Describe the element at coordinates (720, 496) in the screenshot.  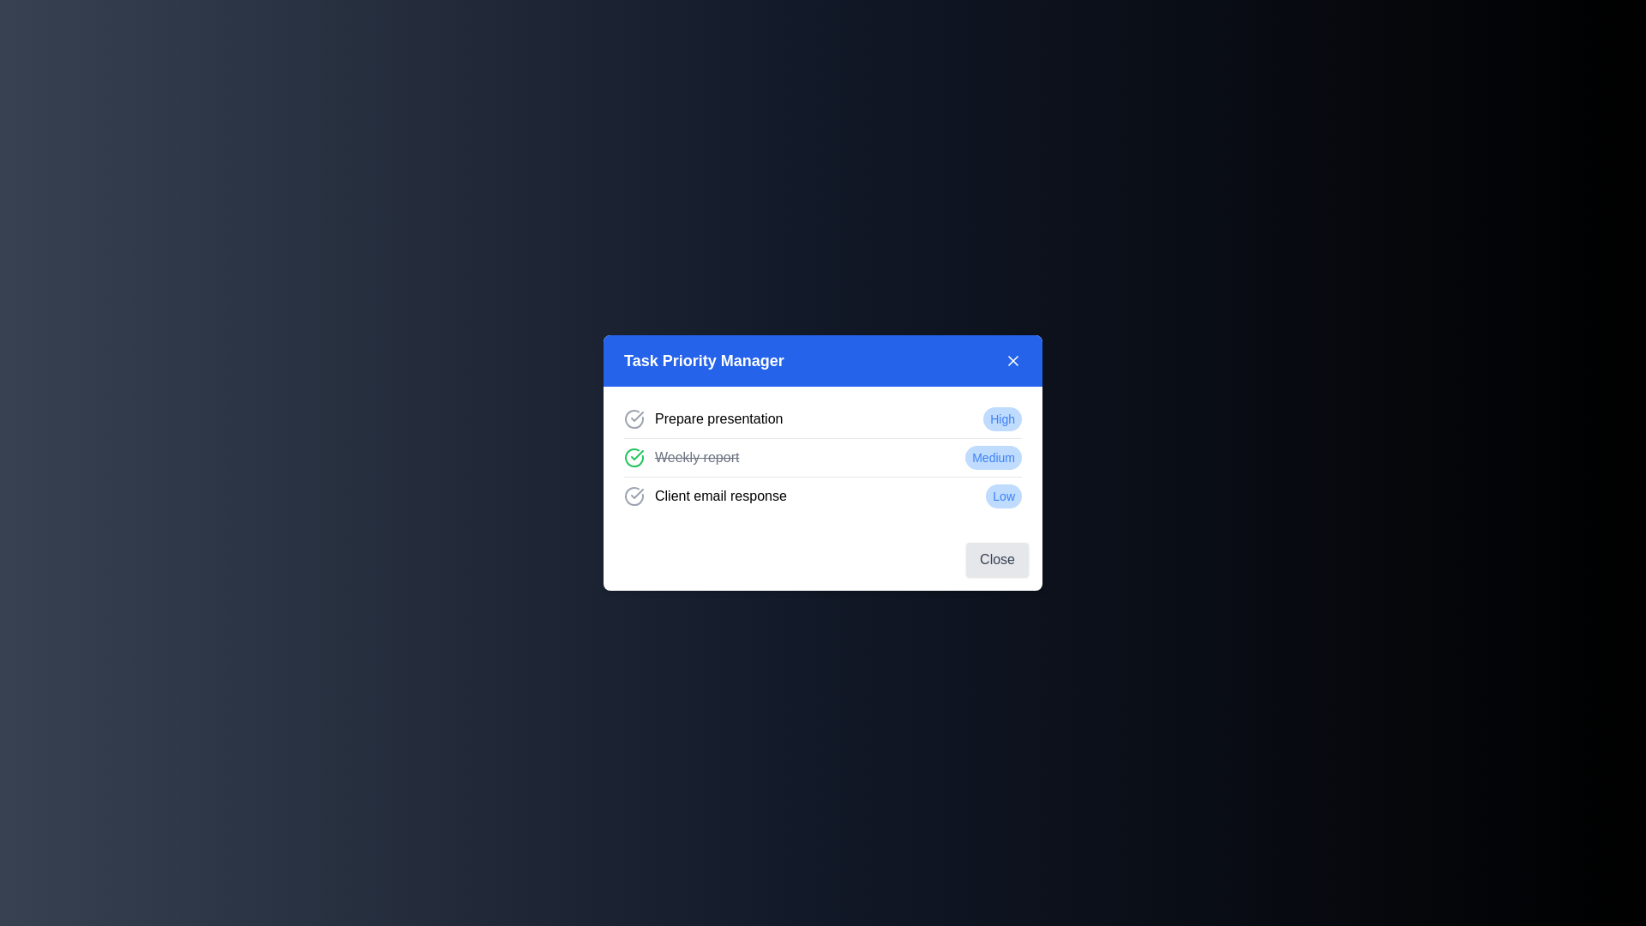
I see `text label displaying 'Client email response', which is the third text element in the list of the 'Task Priority Manager' dialog box` at that location.